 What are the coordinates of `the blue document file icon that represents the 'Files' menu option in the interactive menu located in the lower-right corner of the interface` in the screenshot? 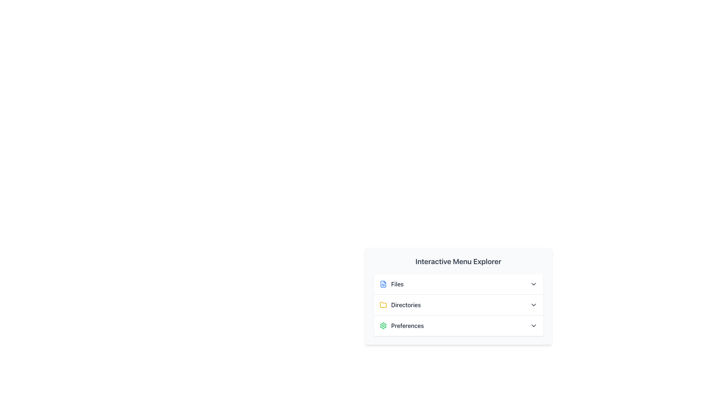 It's located at (383, 284).